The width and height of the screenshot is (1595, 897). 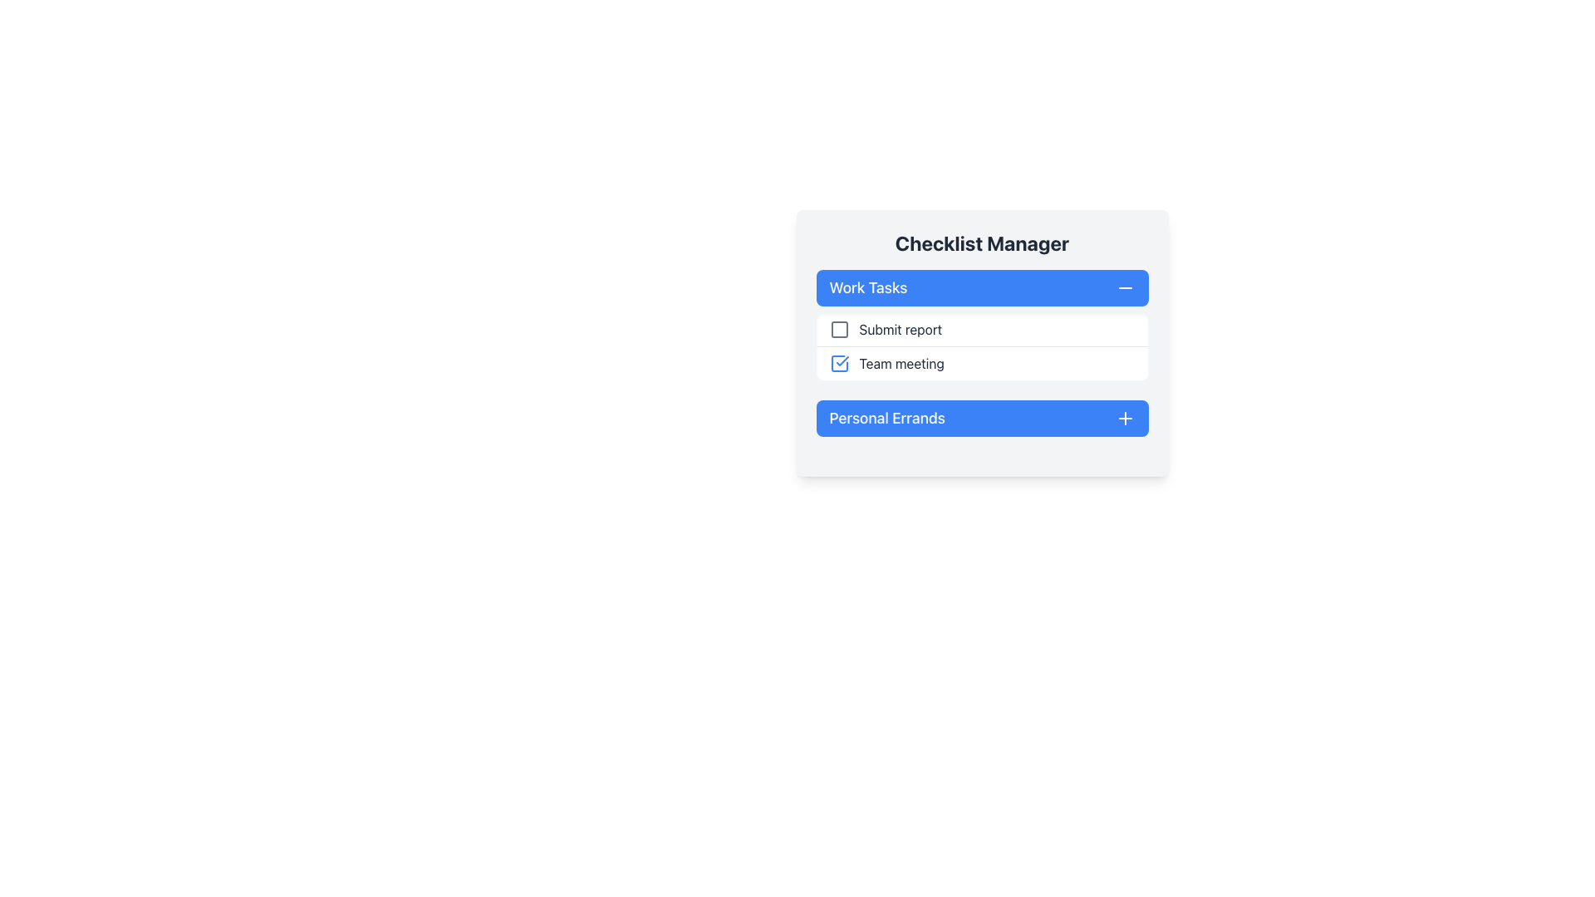 I want to click on the plus sign icon located to the right within the 'Personal Errands' button in the checklist interface, so click(x=1125, y=418).